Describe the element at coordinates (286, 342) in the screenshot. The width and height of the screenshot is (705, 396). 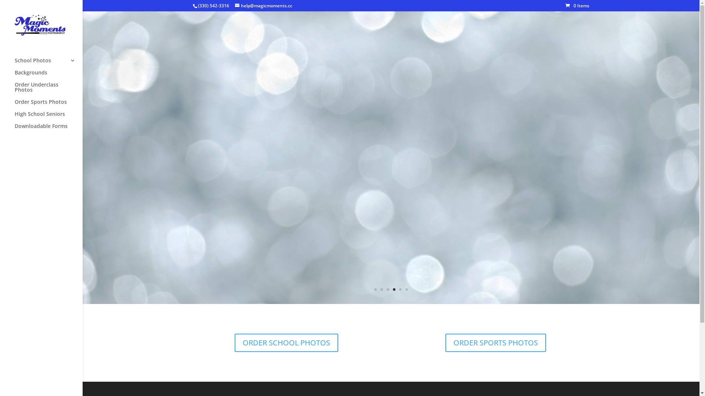
I see `'ORDER SCHOOL PHOTOS'` at that location.